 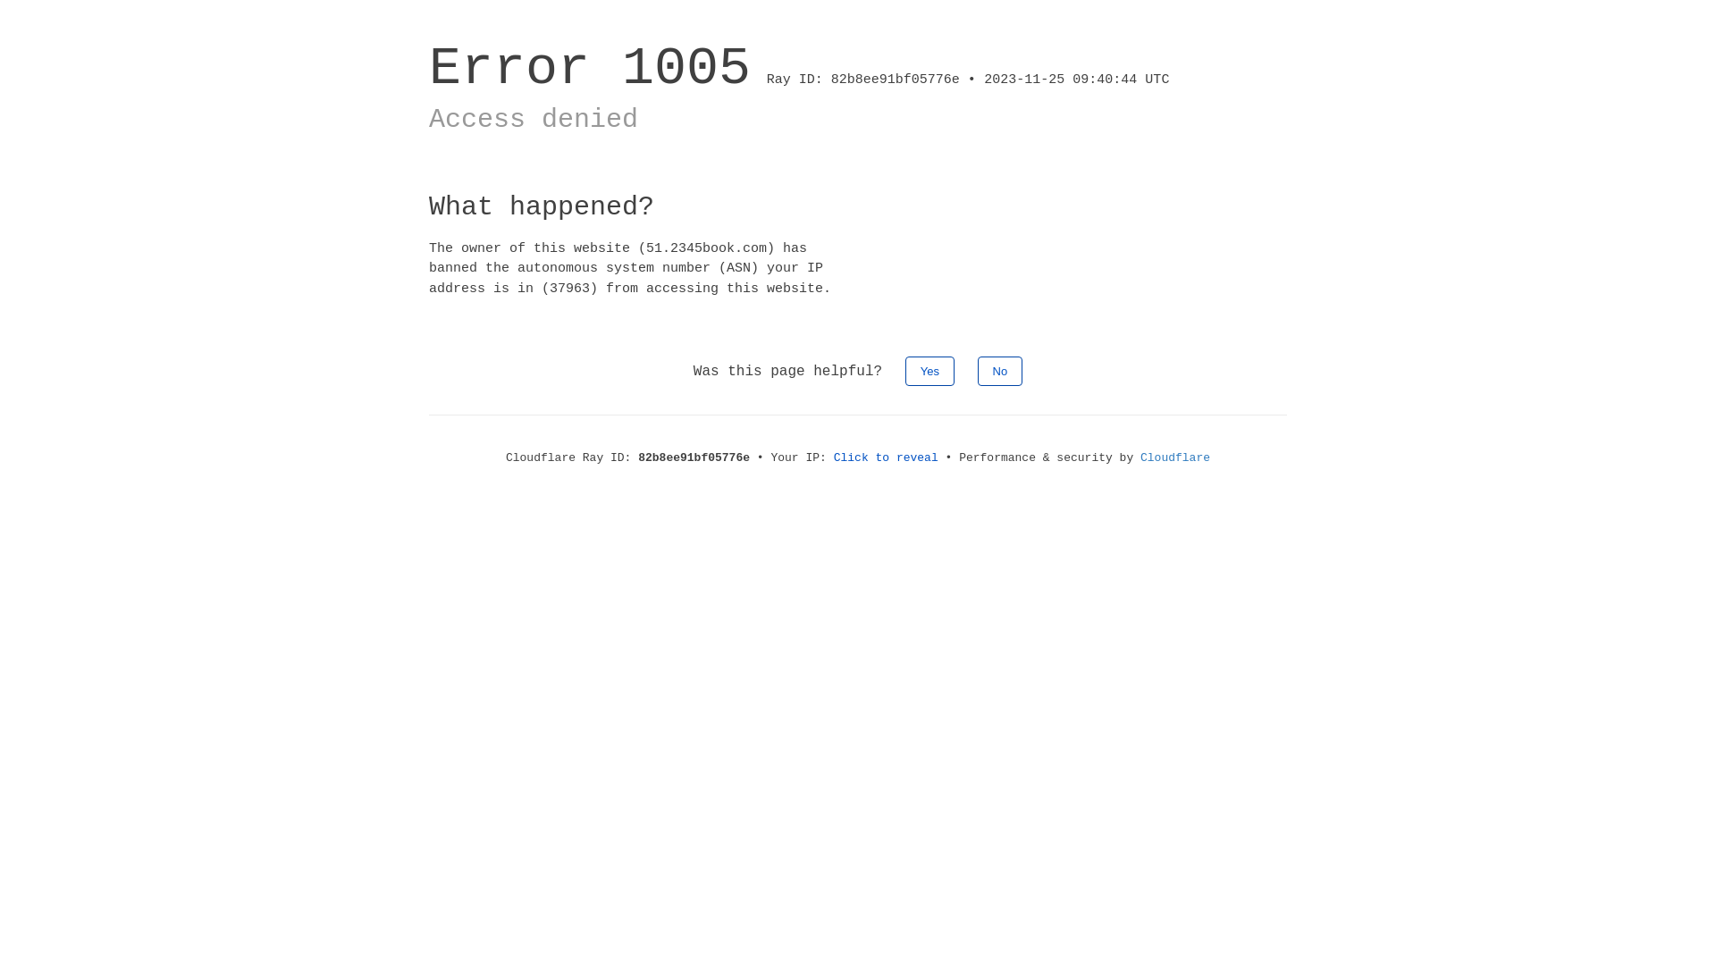 I want to click on 'Yes', so click(x=904, y=370).